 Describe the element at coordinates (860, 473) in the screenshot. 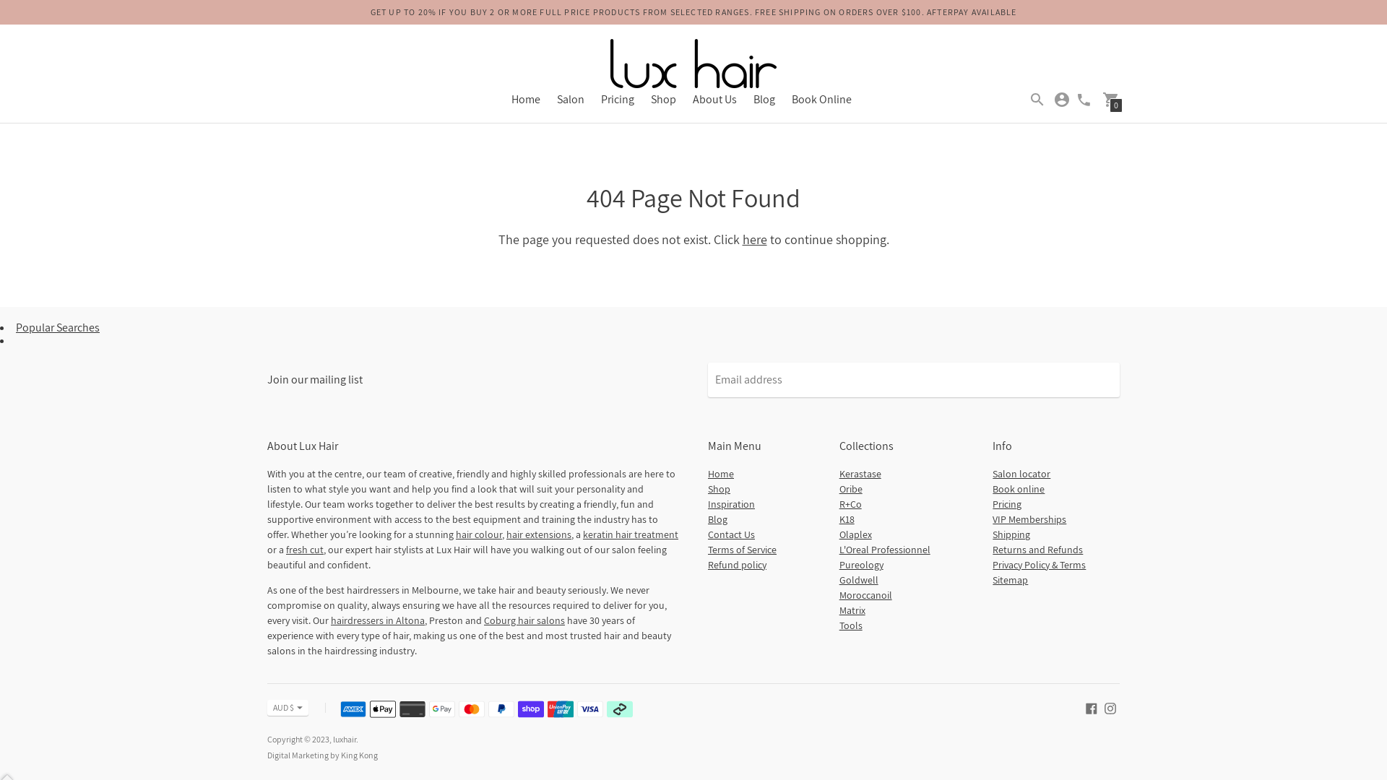

I see `'Kerastase'` at that location.